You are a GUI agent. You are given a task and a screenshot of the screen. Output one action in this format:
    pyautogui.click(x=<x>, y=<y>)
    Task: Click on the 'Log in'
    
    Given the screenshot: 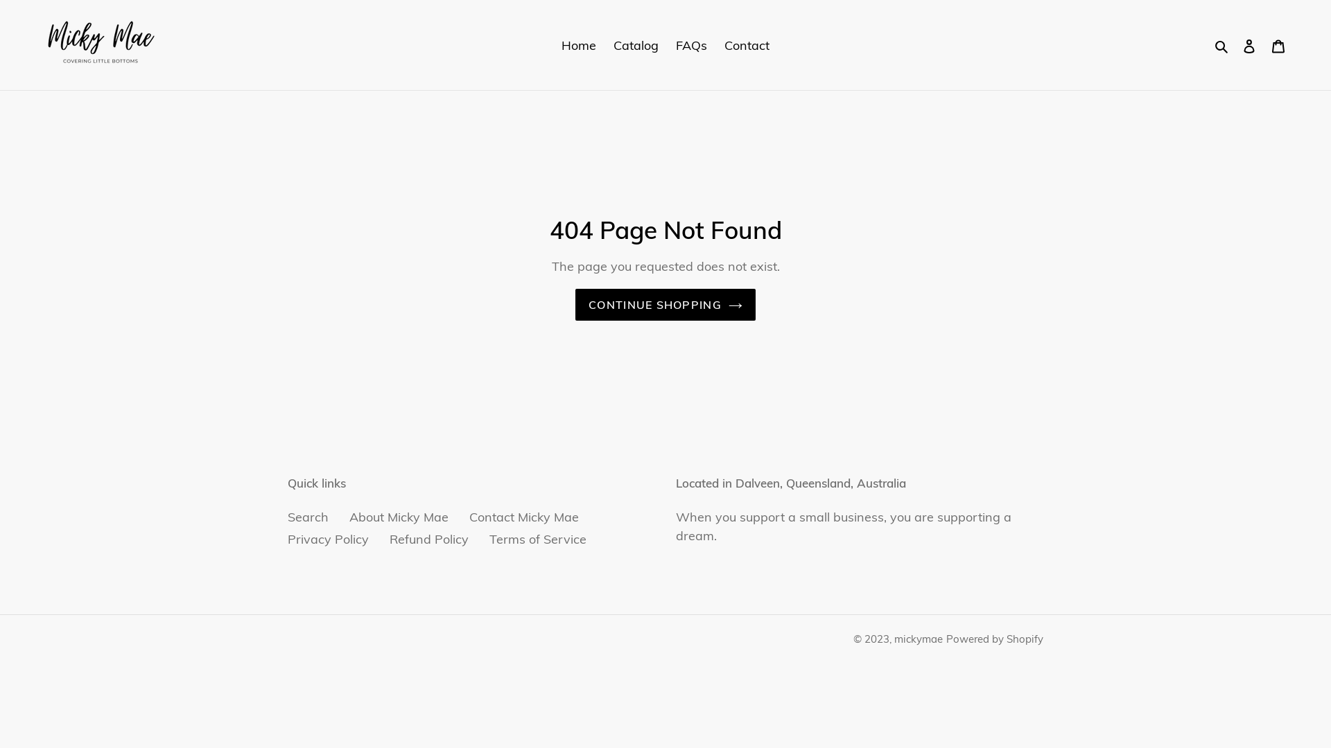 What is the action you would take?
    pyautogui.click(x=1249, y=44)
    